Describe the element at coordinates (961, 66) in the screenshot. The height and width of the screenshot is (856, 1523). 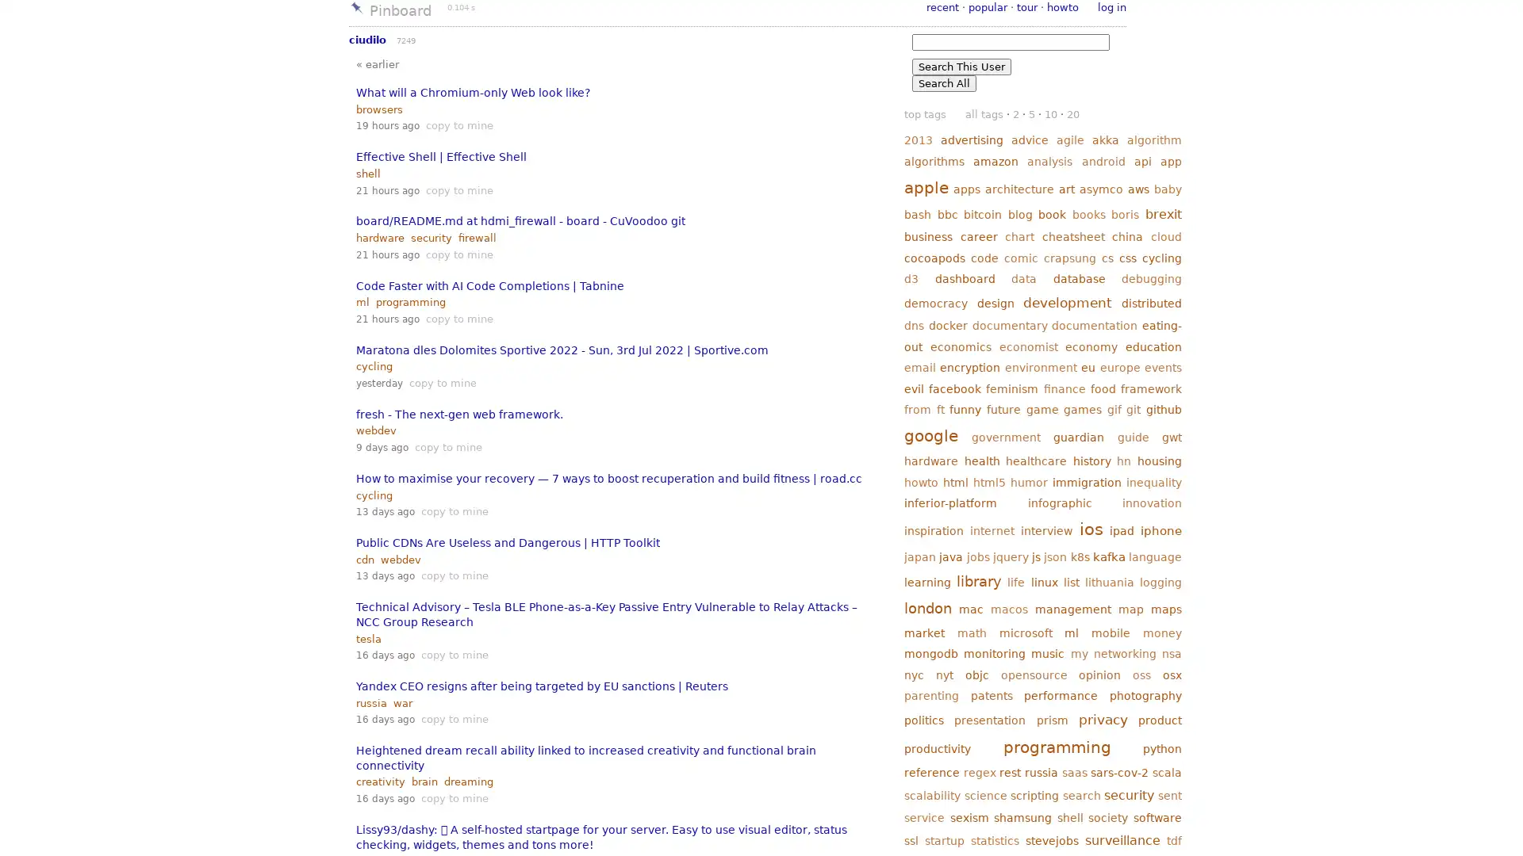
I see `Search This User` at that location.